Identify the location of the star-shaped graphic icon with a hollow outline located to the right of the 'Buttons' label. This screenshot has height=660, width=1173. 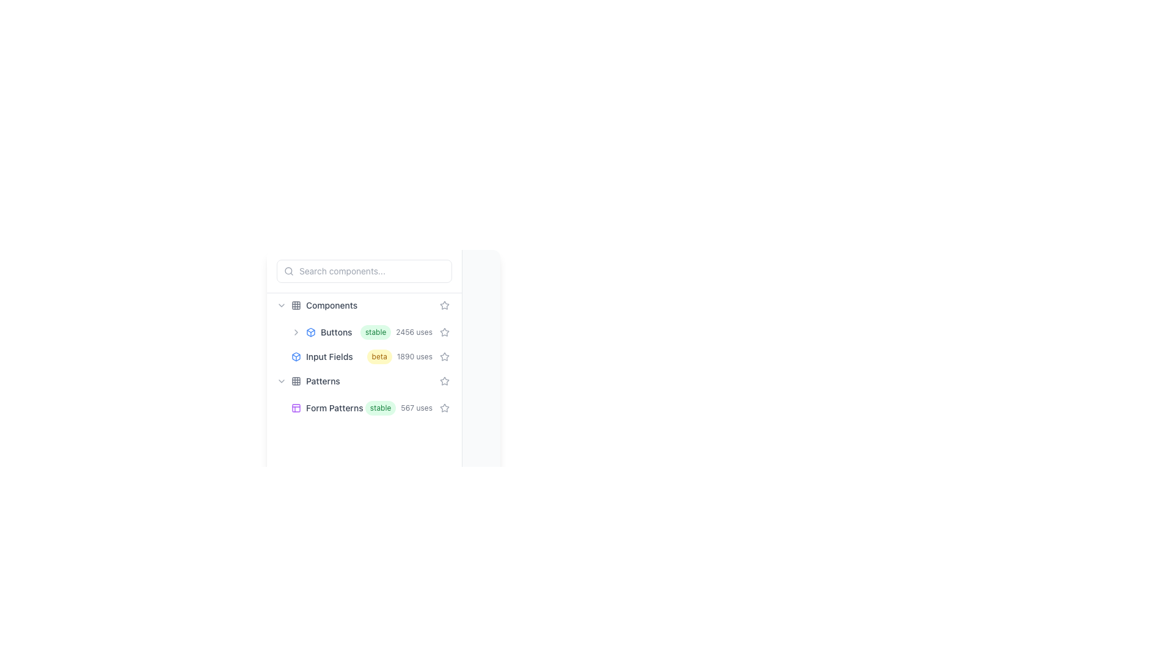
(444, 332).